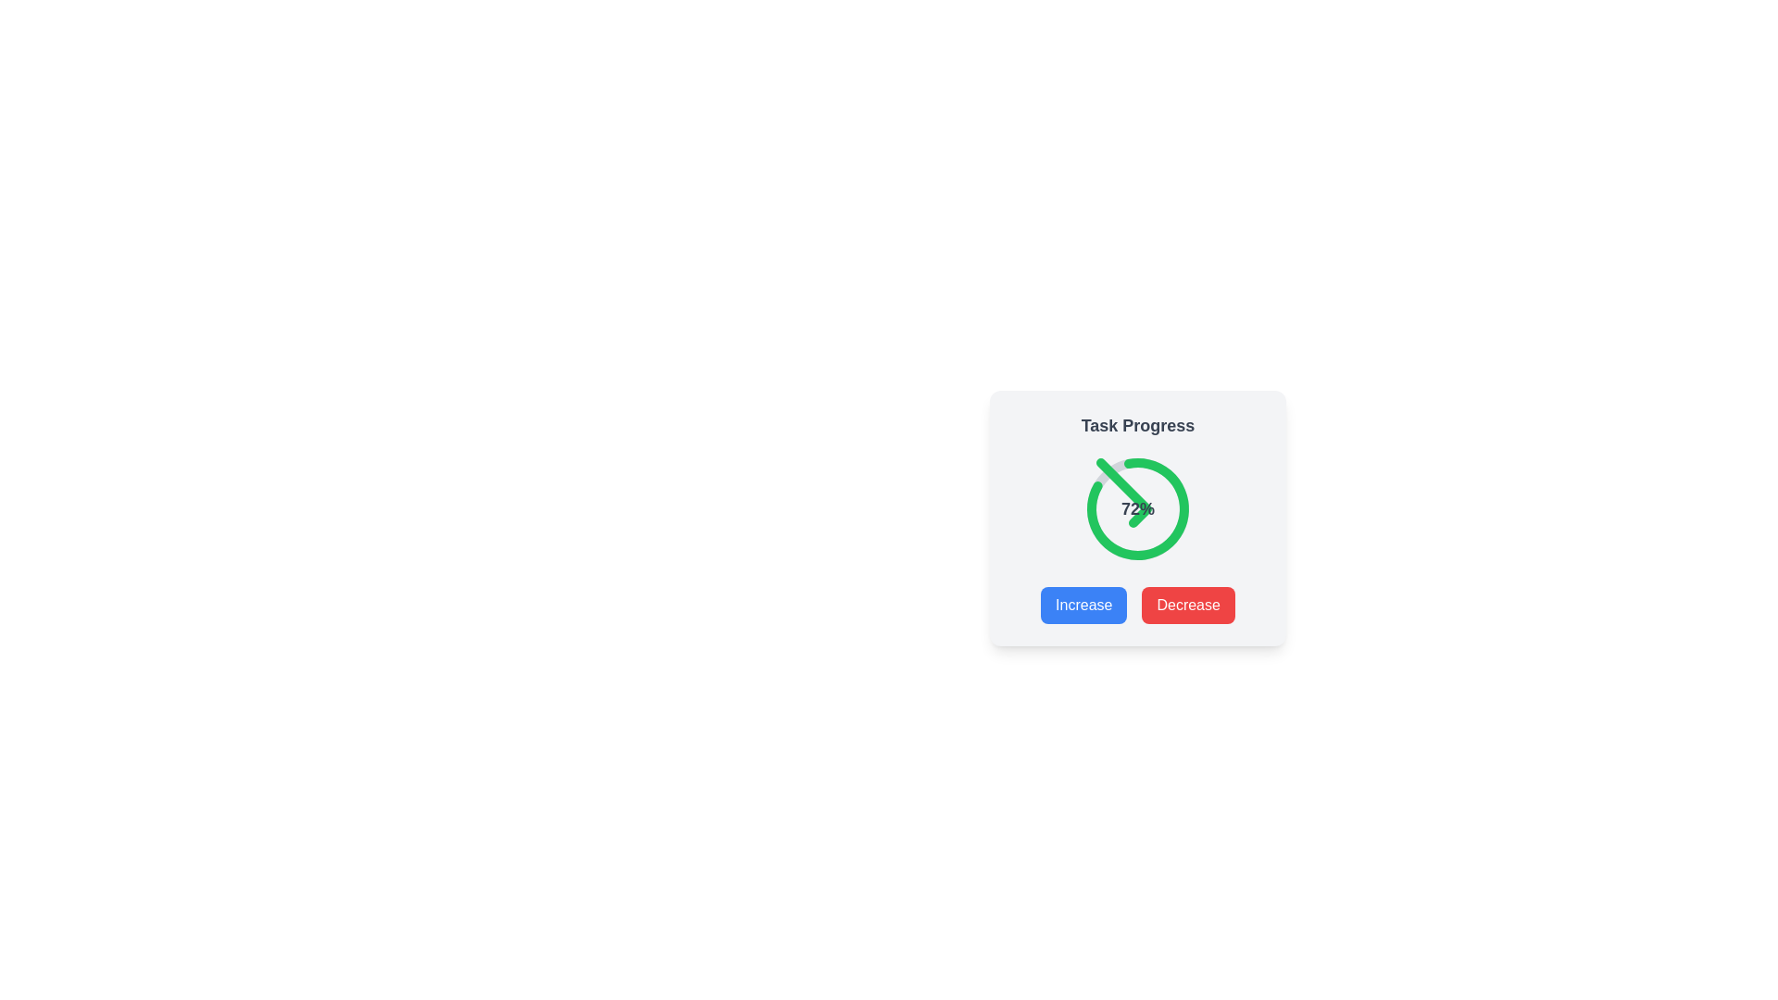 Image resolution: width=1778 pixels, height=1000 pixels. Describe the element at coordinates (1123, 492) in the screenshot. I see `the green diagonal checkmark-like graphic within the circular progress indicator labeled 'Task Progress'` at that location.